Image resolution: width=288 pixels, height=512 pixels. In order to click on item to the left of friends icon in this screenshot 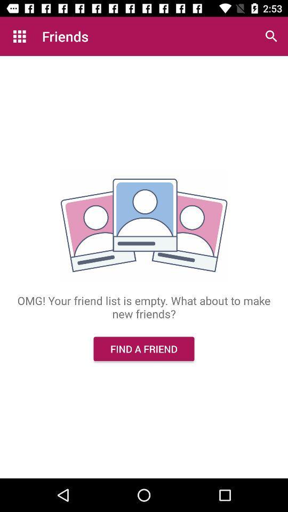, I will do `click(19, 36)`.